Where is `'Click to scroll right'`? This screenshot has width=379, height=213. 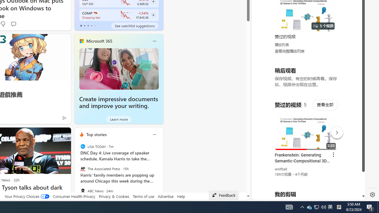 'Click to scroll right' is located at coordinates (354, 24).